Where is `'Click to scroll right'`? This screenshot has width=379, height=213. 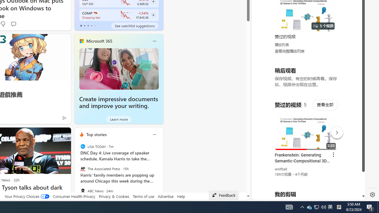 'Click to scroll right' is located at coordinates (354, 24).